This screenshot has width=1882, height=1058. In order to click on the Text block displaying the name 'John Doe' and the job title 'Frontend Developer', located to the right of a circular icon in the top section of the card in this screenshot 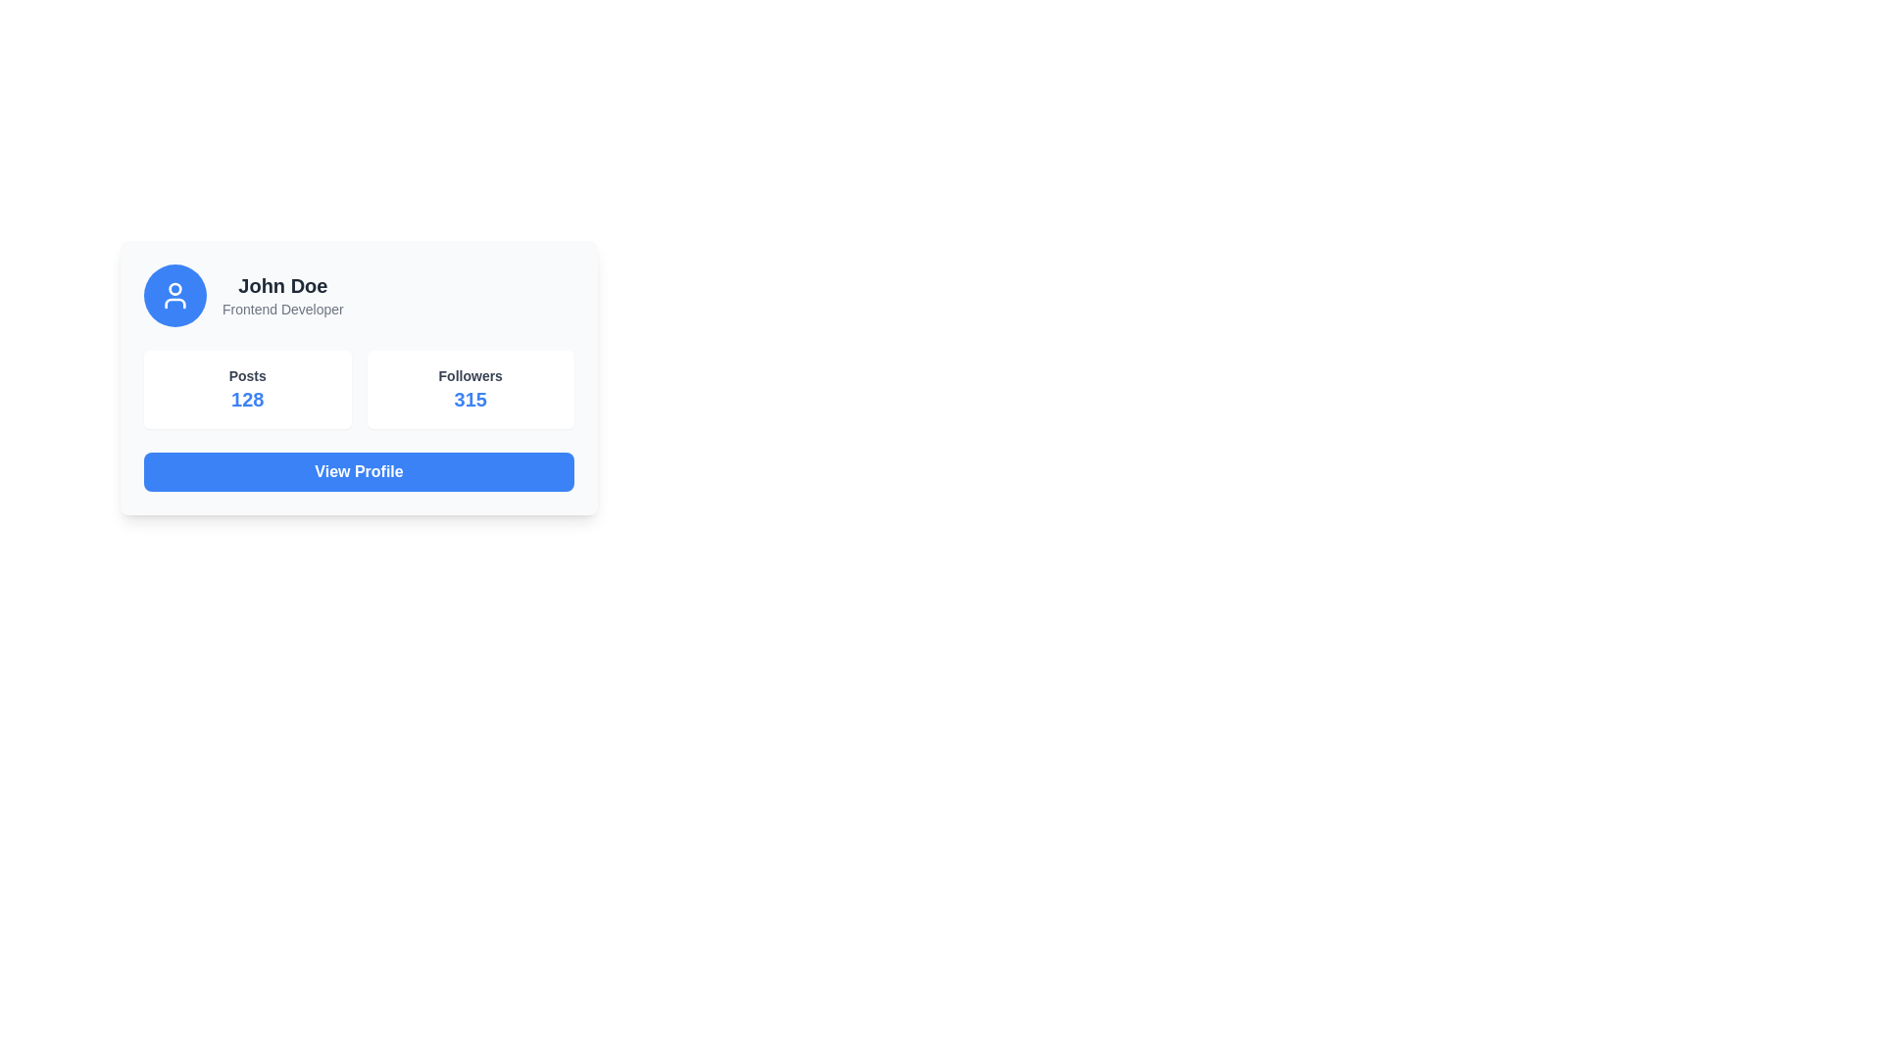, I will do `click(281, 295)`.